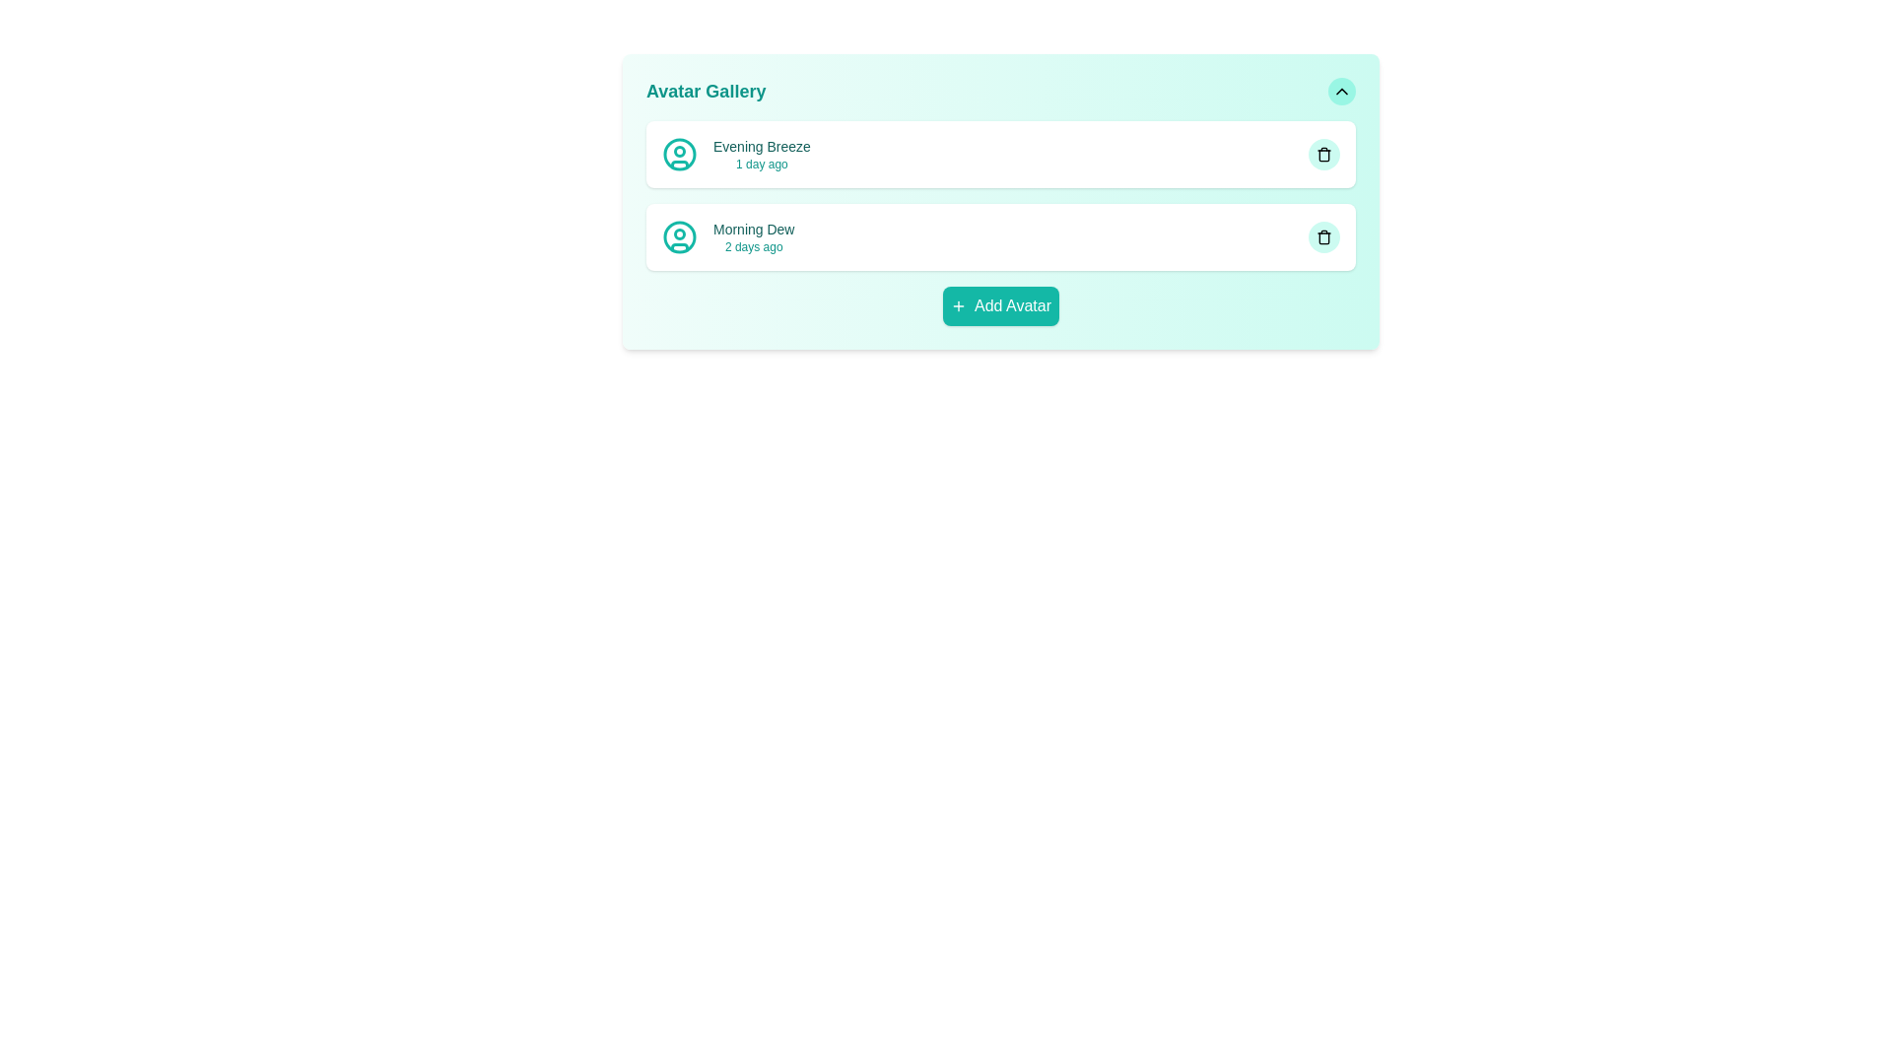 Image resolution: width=1892 pixels, height=1064 pixels. What do you see at coordinates (680, 154) in the screenshot?
I see `the teal circular user profile silhouette icon located in the 'Avatar Gallery' section, associated with 'Evening Breeze 1 day ago'` at bounding box center [680, 154].